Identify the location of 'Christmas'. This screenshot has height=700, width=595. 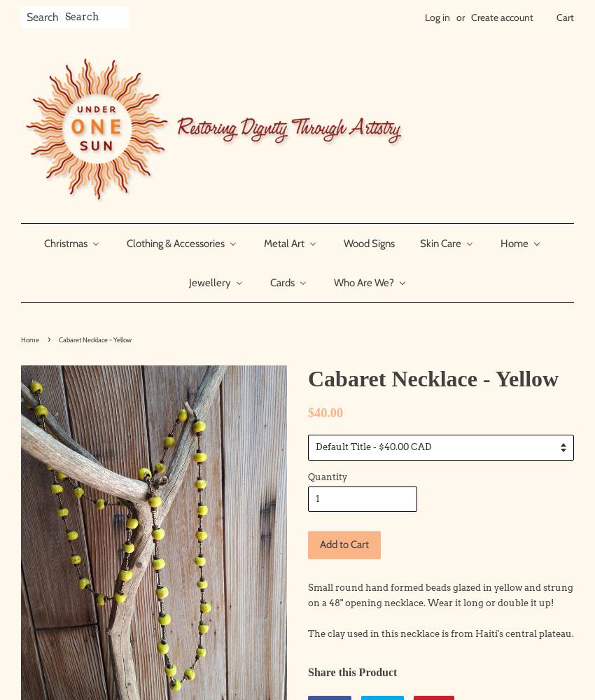
(43, 242).